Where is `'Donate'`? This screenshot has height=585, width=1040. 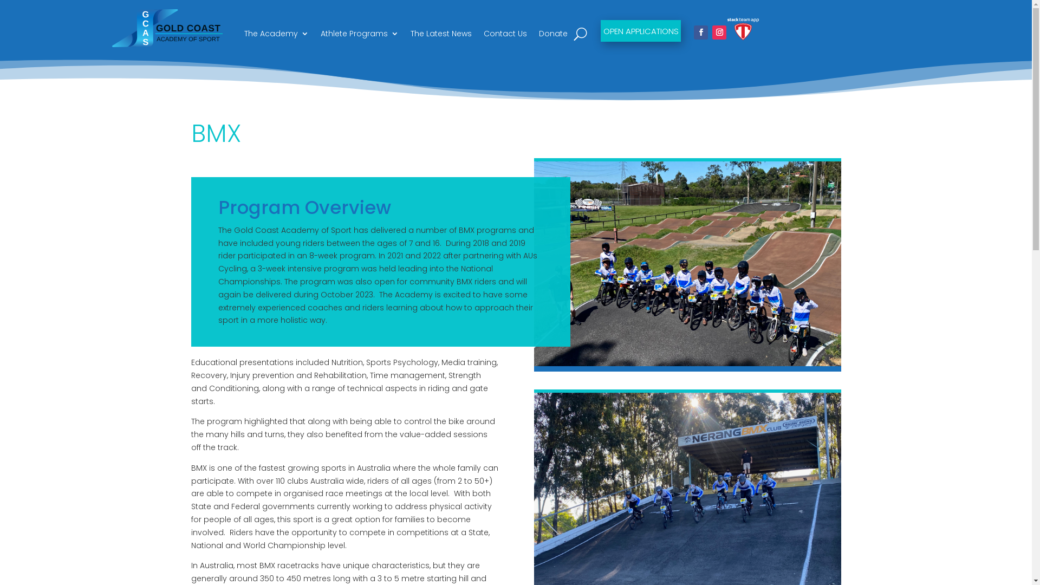 'Donate' is located at coordinates (538, 35).